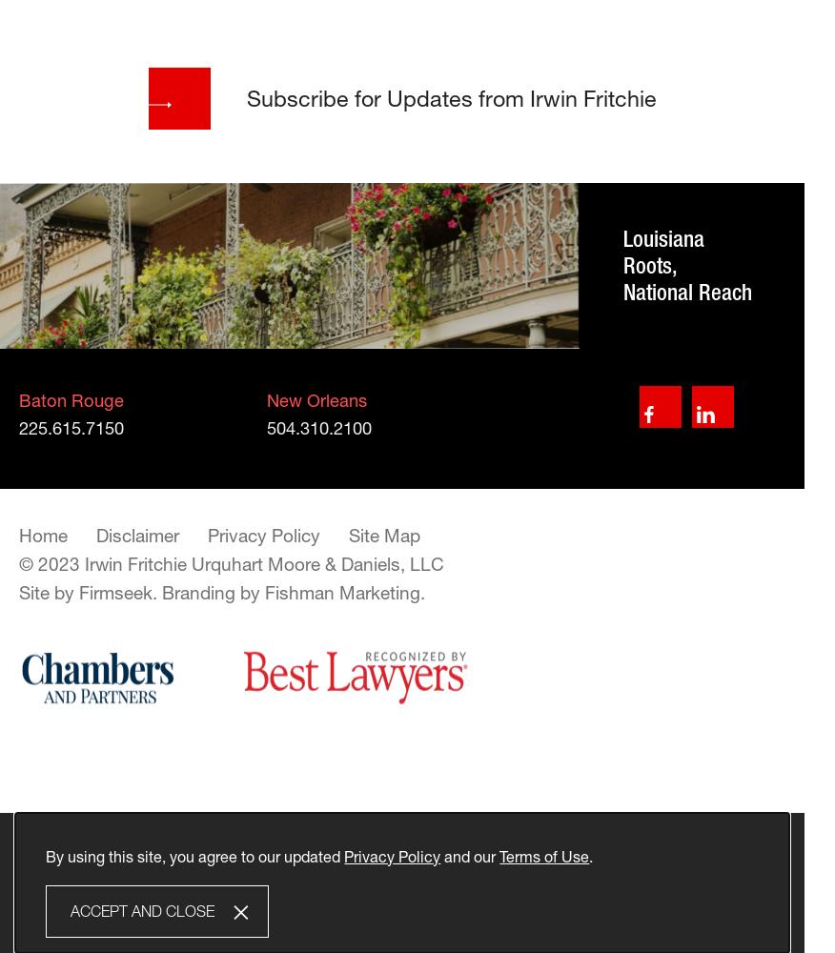 This screenshot has width=835, height=953. Describe the element at coordinates (136, 536) in the screenshot. I see `'Disclaimer'` at that location.